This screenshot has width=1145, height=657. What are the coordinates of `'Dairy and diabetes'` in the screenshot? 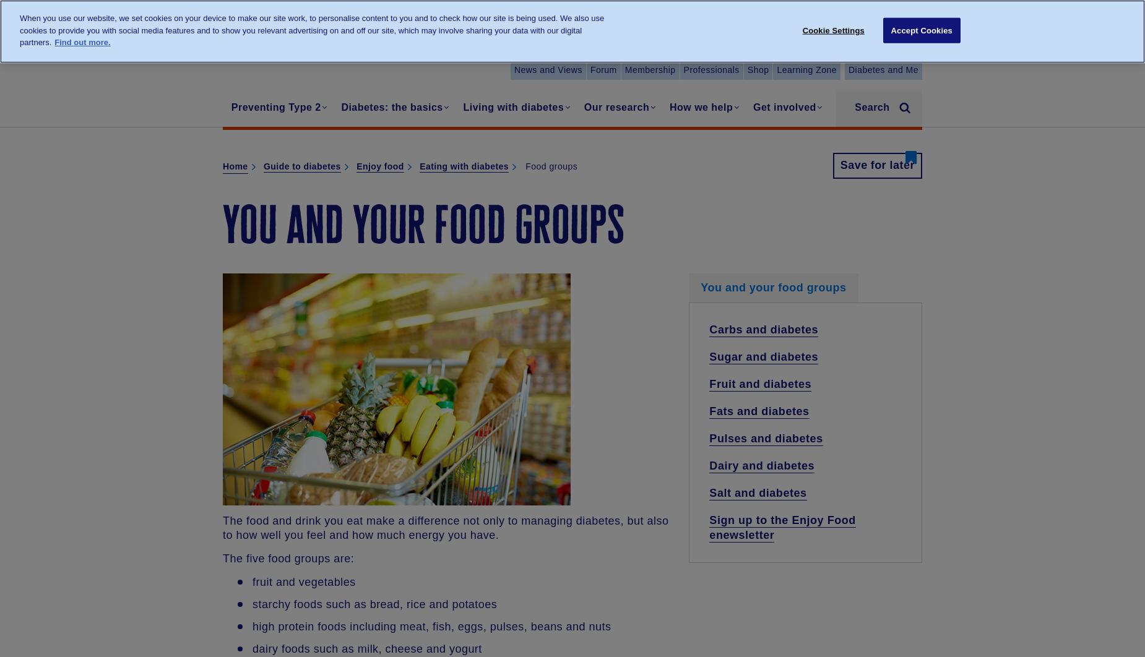 It's located at (761, 465).